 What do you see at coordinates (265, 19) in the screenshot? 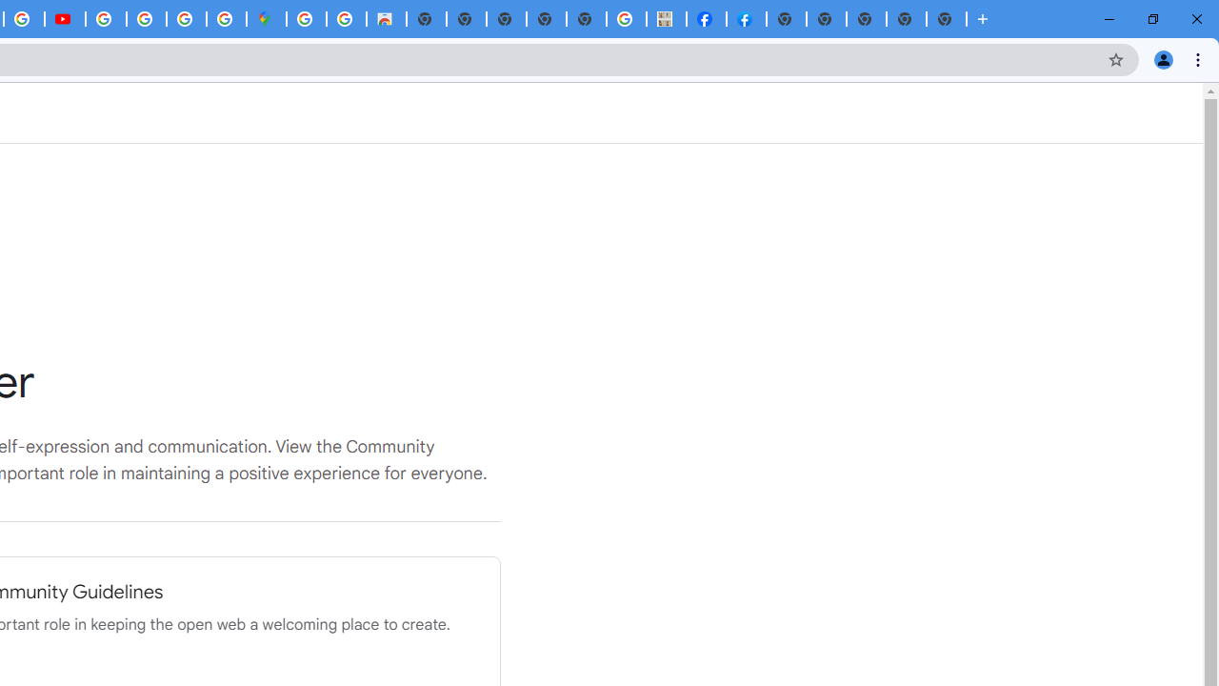
I see `'Google Maps'` at bounding box center [265, 19].